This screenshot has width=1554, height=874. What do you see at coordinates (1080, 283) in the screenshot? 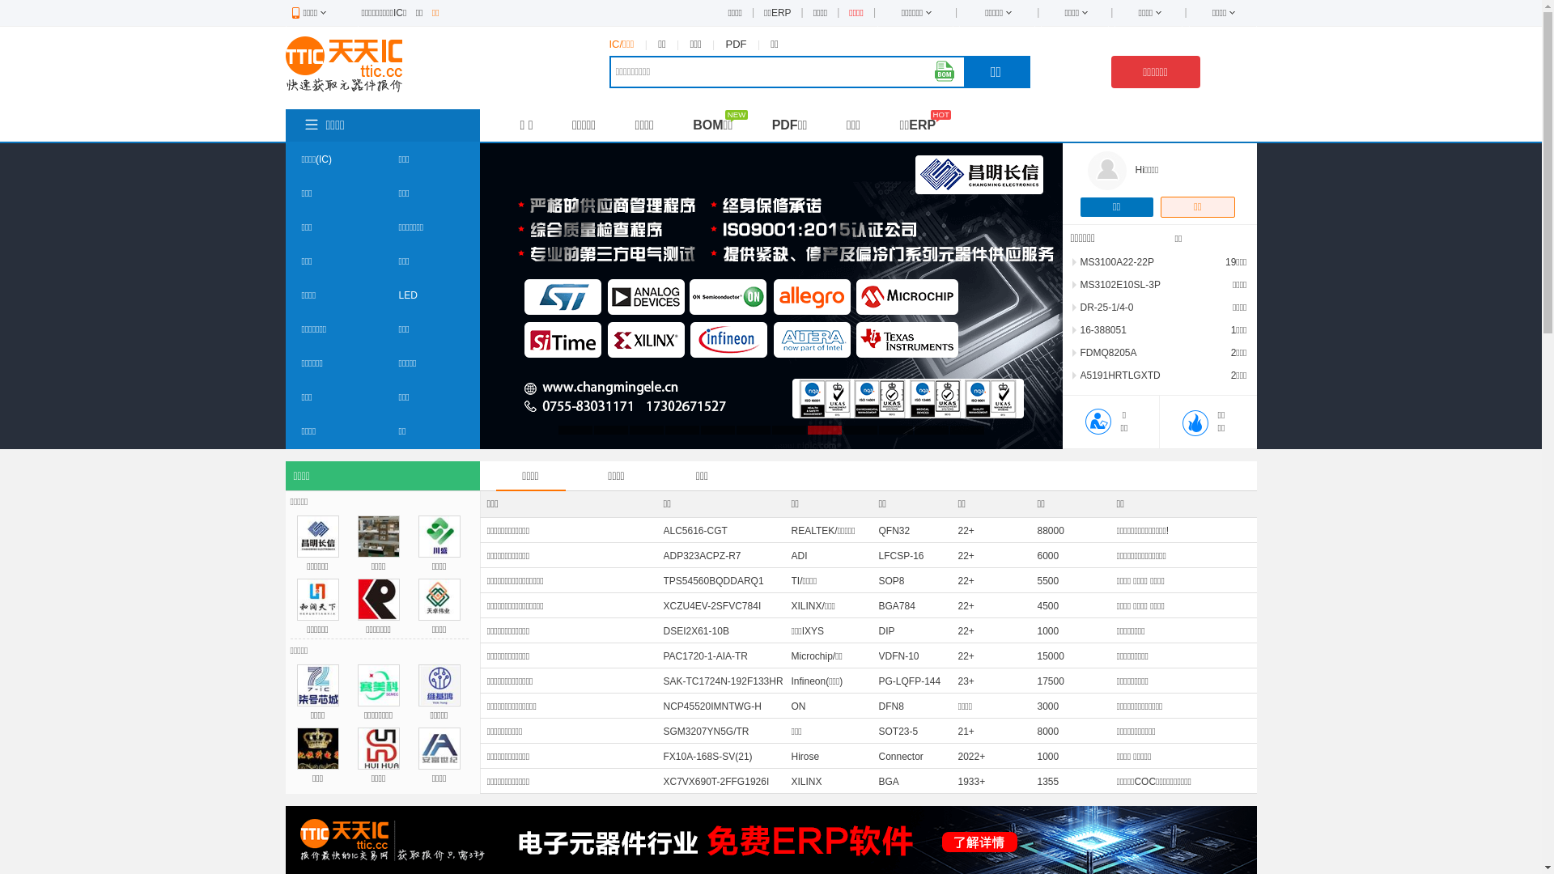
I see `'MS3102E10SL-3P'` at bounding box center [1080, 283].